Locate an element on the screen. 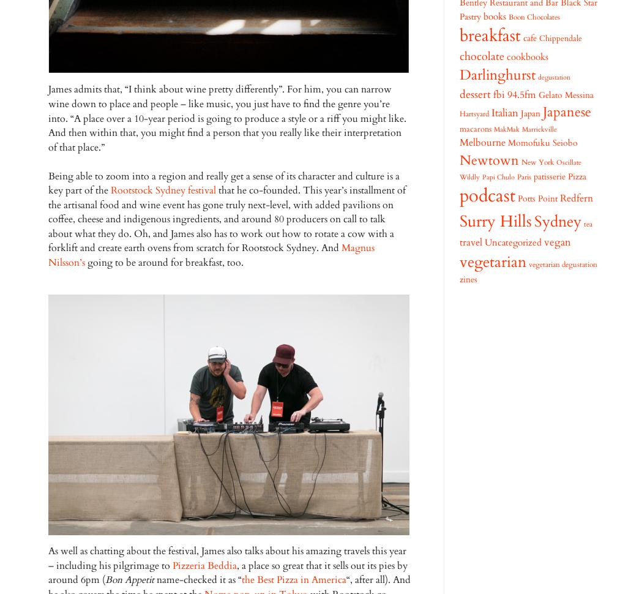 This screenshot has width=620, height=594. 'cafe' is located at coordinates (529, 37).